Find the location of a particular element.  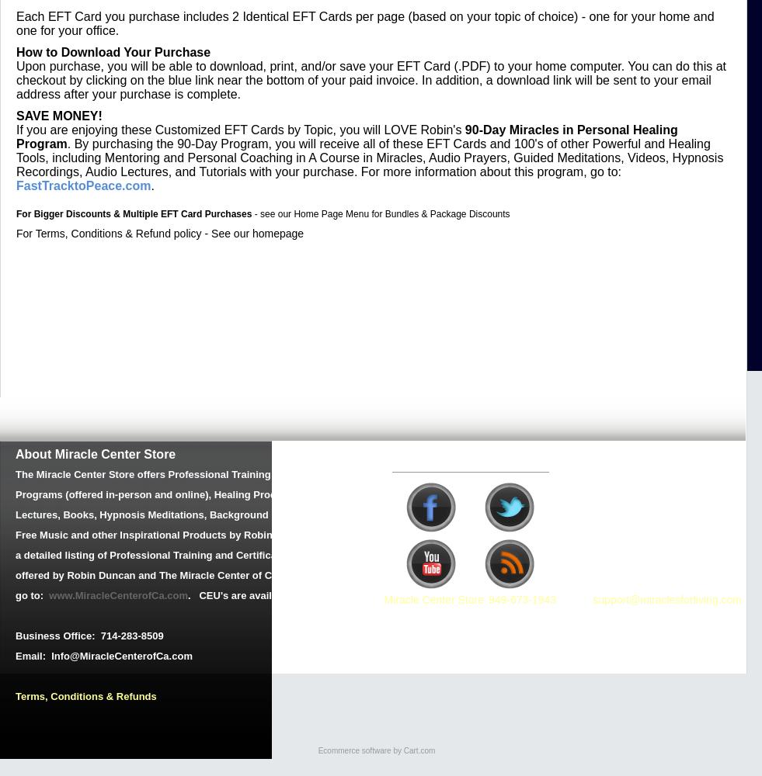

'FastTracktoPeace.com' is located at coordinates (82, 185).